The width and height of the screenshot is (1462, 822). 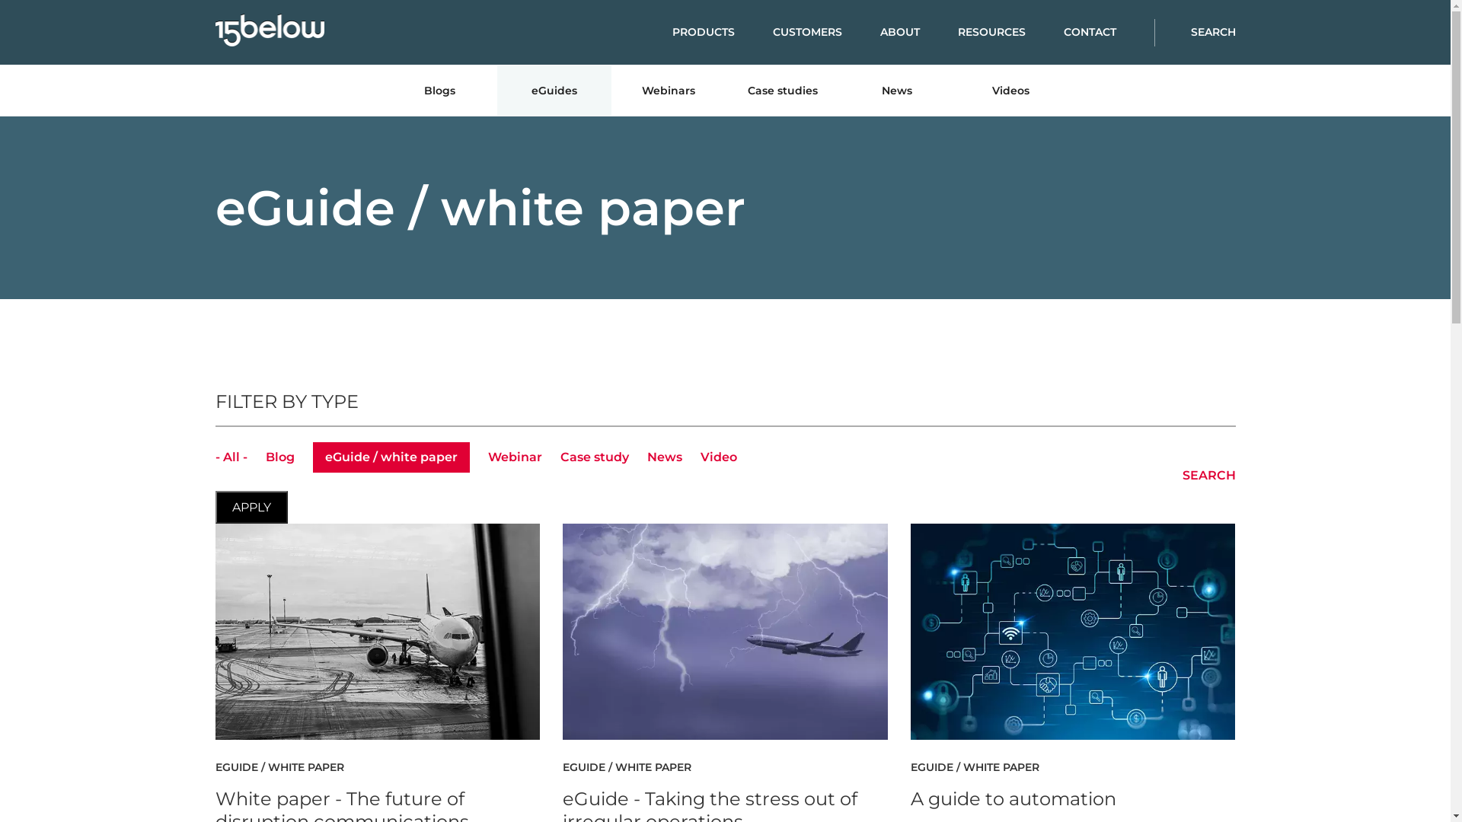 I want to click on 'PRODUCTS', so click(x=720, y=32).